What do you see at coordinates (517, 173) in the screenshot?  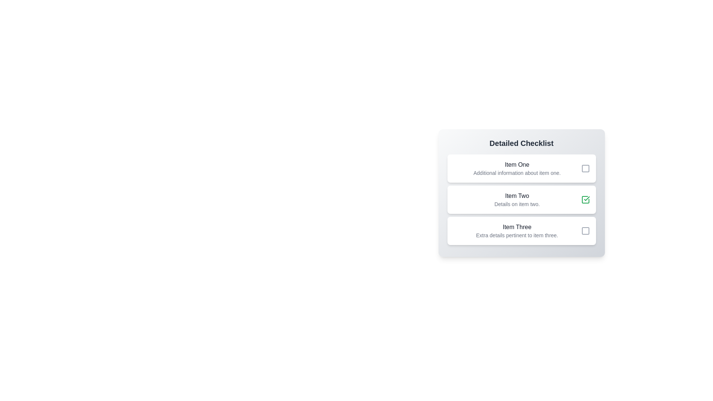 I see `text label displaying 'Additional information about item one.' which is styled in gray and positioned below the title 'Item One' in the checklist interface` at bounding box center [517, 173].